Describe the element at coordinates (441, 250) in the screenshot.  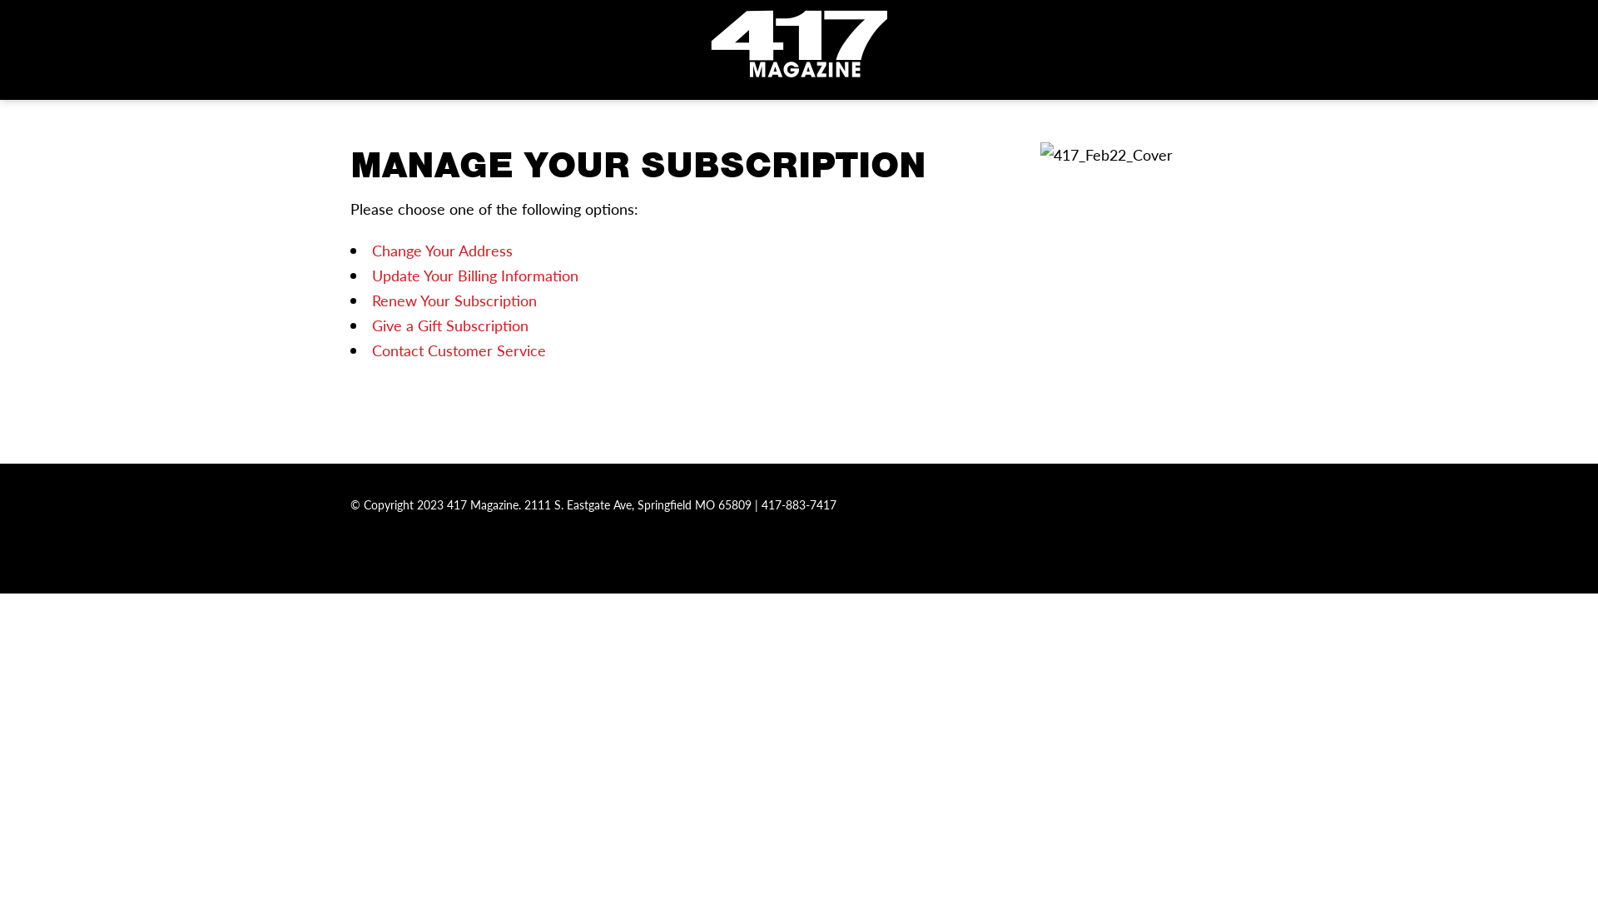
I see `'Change Your Address'` at that location.